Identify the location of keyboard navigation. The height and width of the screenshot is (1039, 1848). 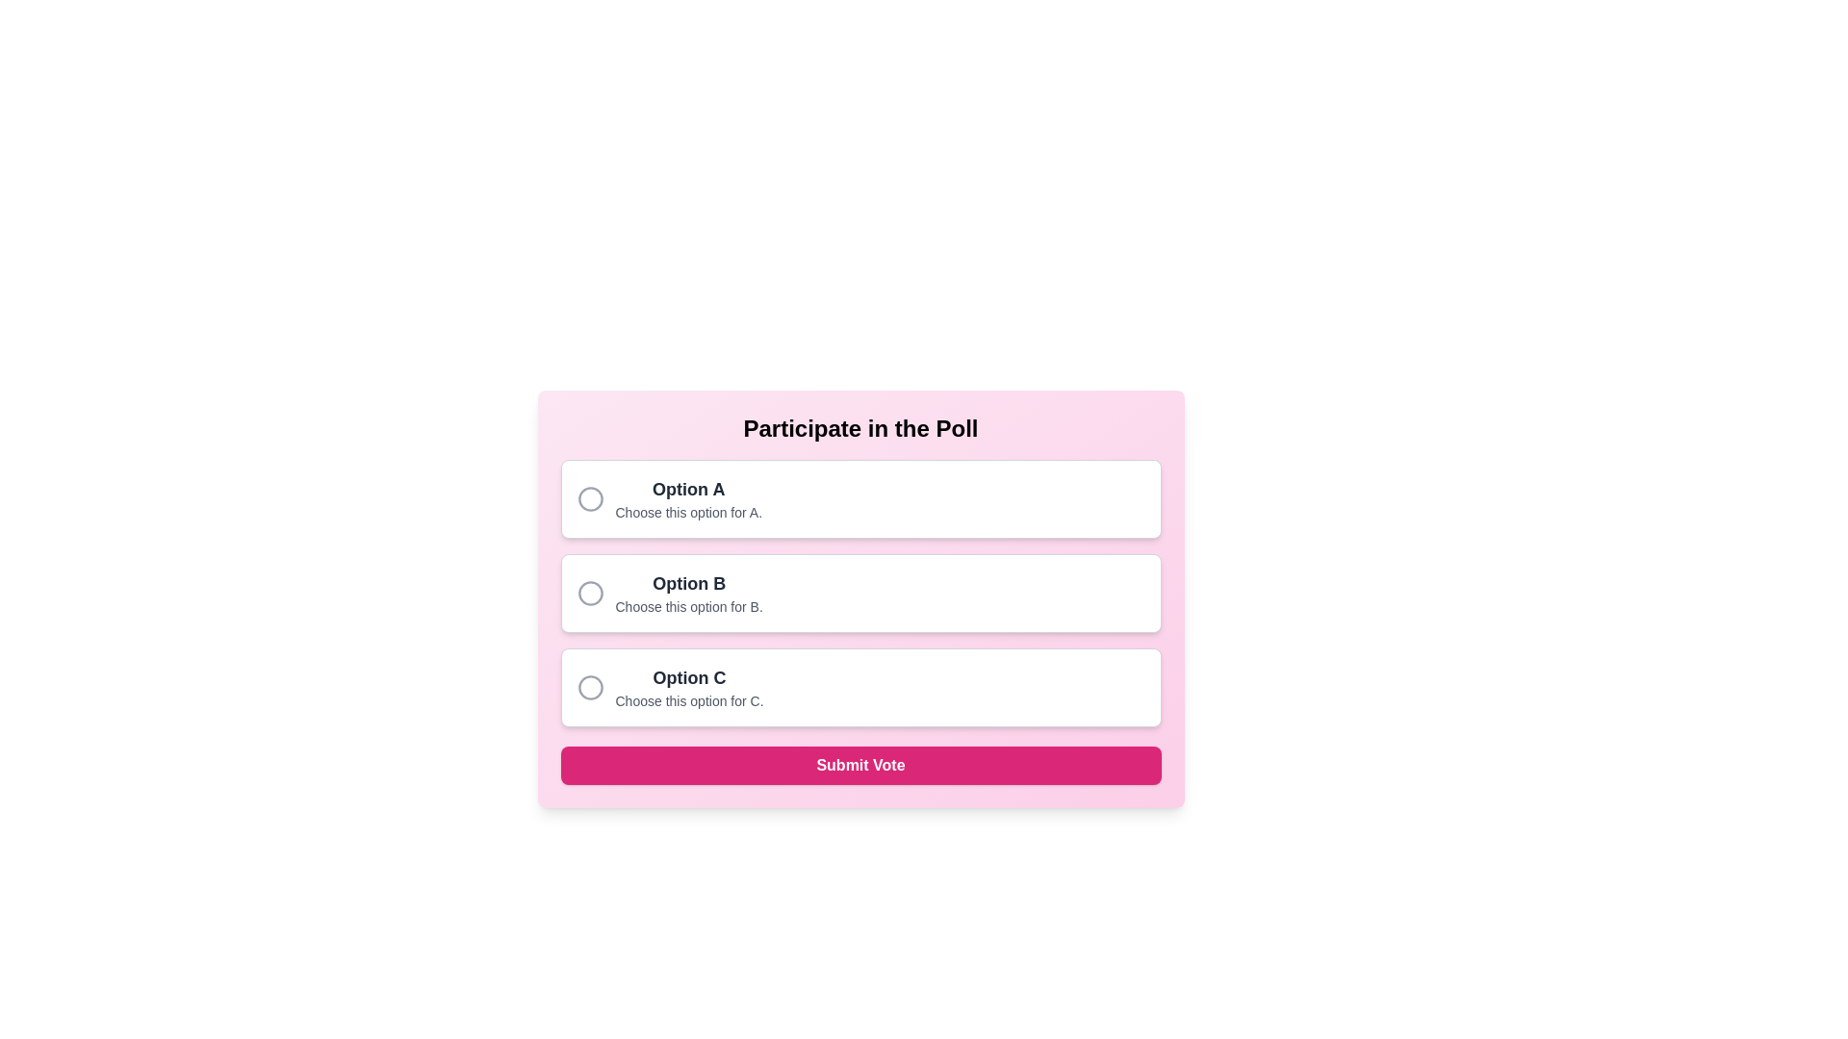
(589, 686).